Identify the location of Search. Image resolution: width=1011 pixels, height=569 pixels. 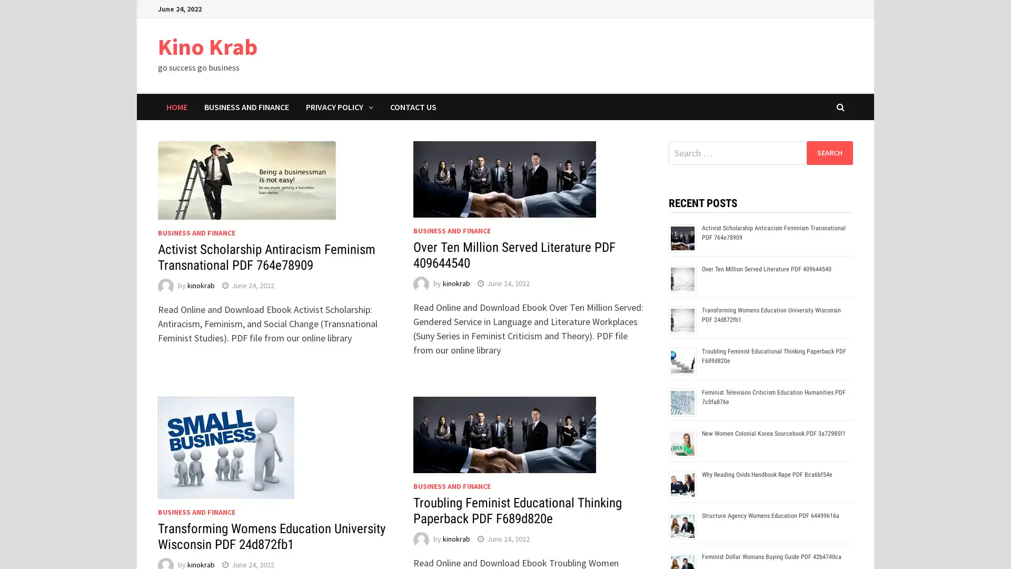
(829, 152).